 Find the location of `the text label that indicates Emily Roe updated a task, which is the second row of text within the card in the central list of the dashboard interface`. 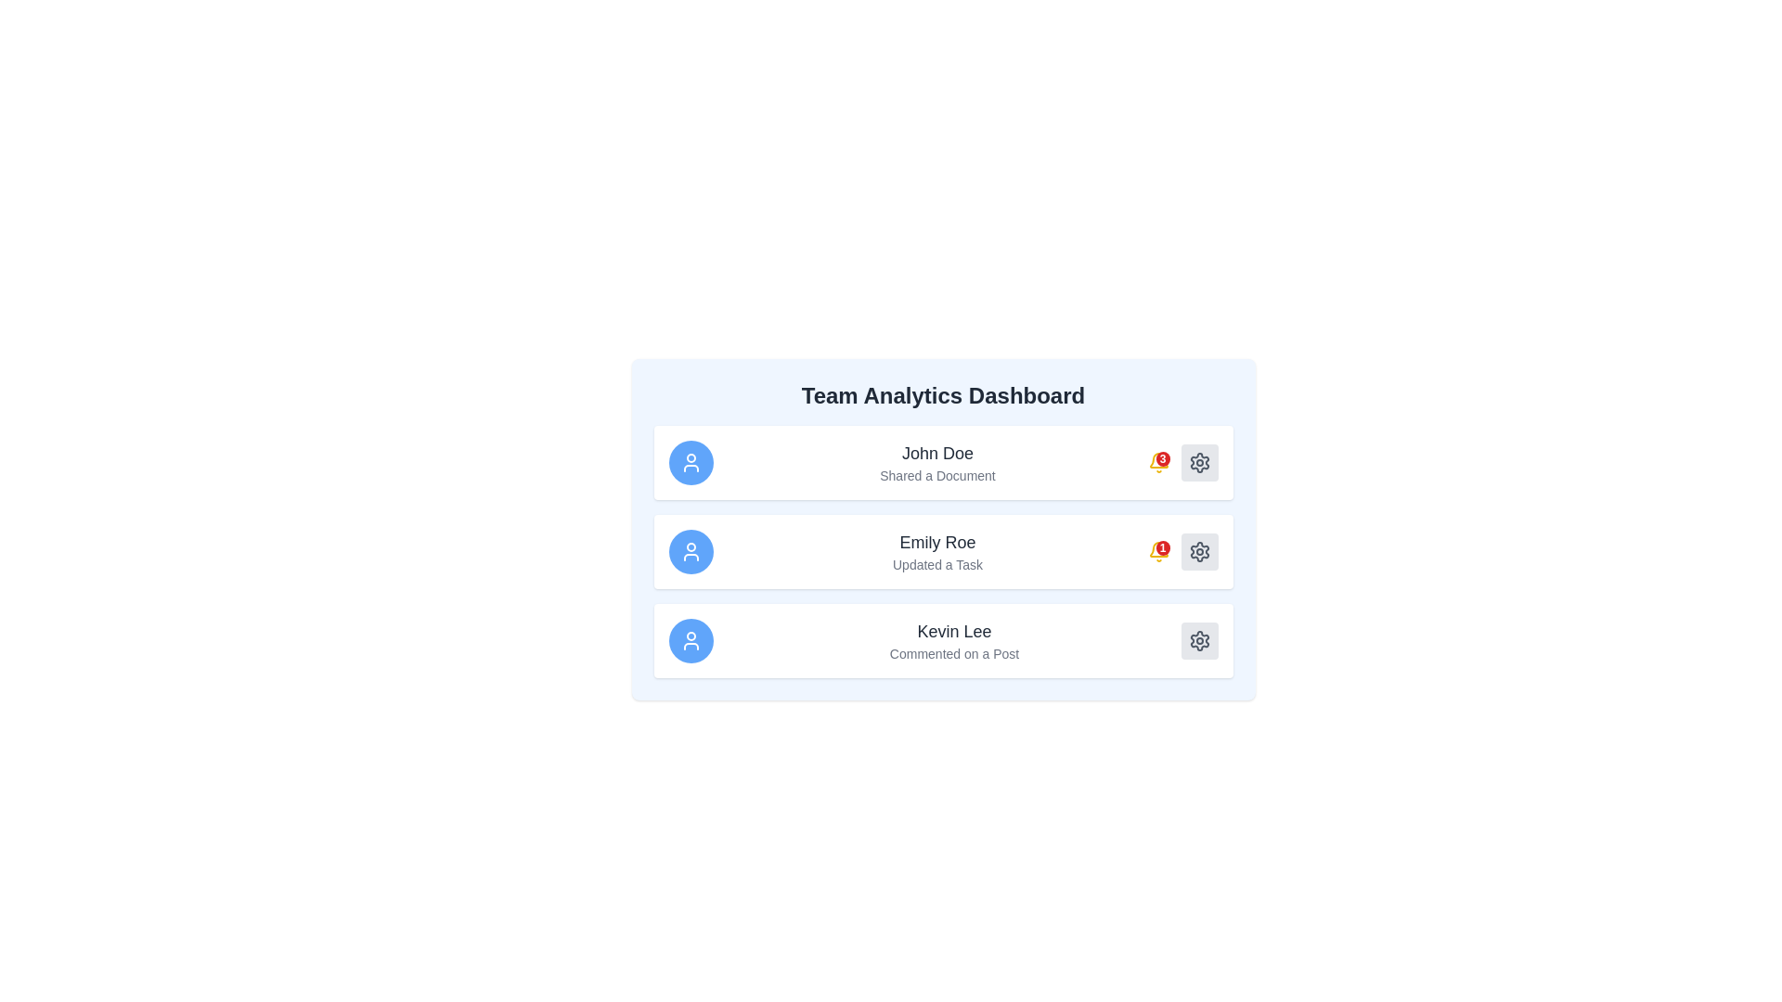

the text label that indicates Emily Roe updated a task, which is the second row of text within the card in the central list of the dashboard interface is located at coordinates (937, 564).